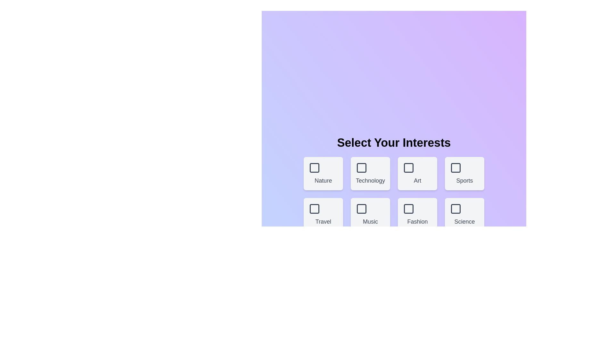 The image size is (615, 346). I want to click on the box corresponding to the theme Music to select or deselect it, so click(370, 215).